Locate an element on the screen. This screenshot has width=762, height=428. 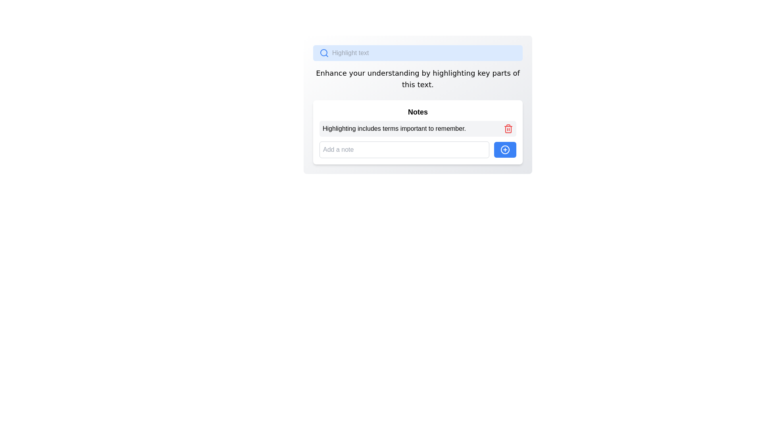
the text character element 'n' in the word 'understanding' within the displayed text phrase 'Enhance your understanding by highlighting key parts of this text.' is located at coordinates (401, 73).